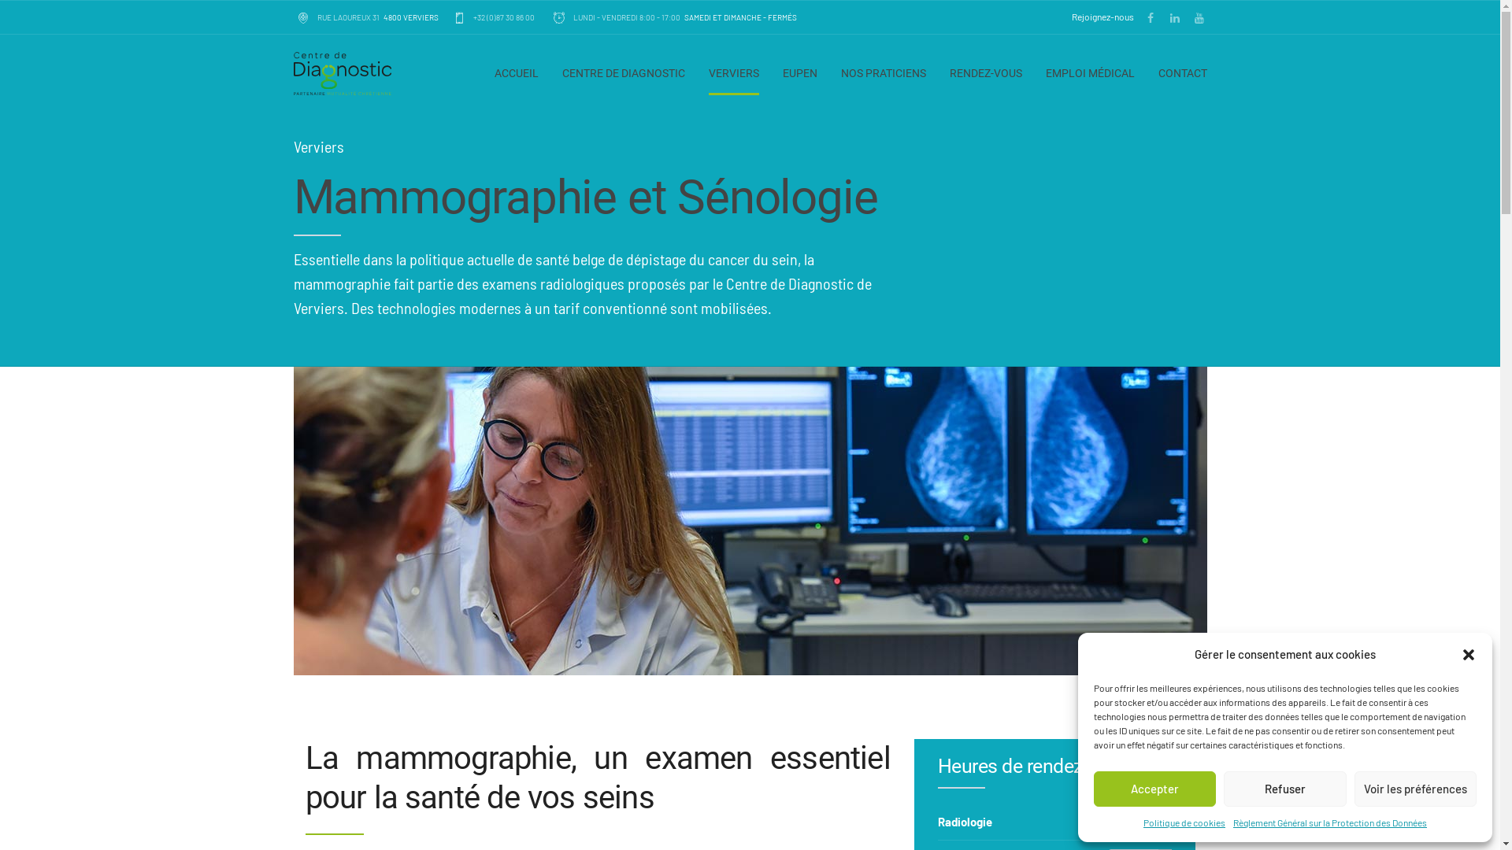  Describe the element at coordinates (800, 73) in the screenshot. I see `'EUPEN'` at that location.